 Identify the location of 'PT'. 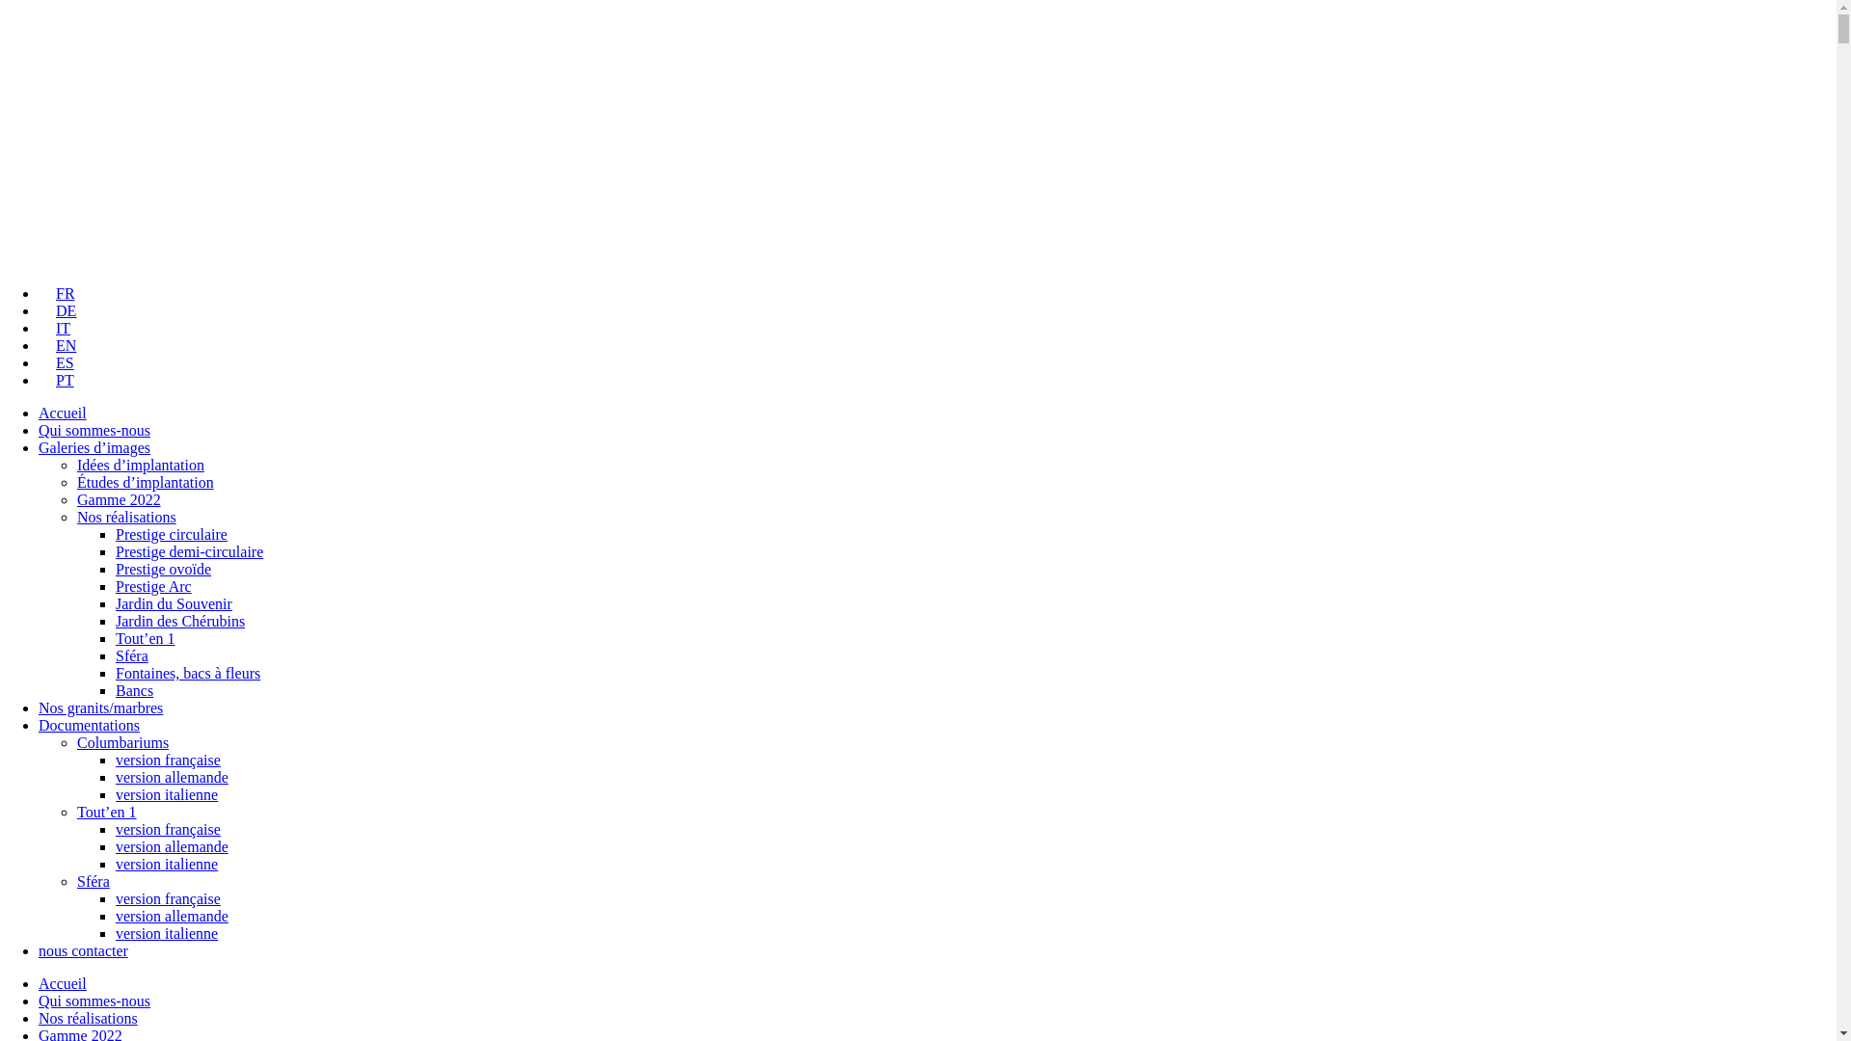
(56, 380).